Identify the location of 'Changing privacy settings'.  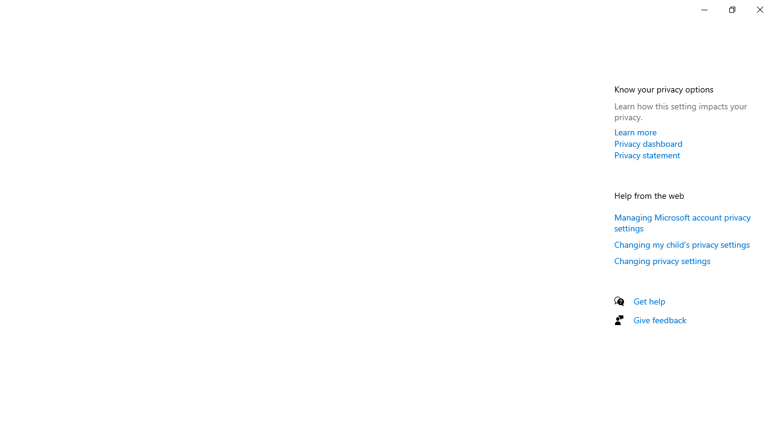
(662, 260).